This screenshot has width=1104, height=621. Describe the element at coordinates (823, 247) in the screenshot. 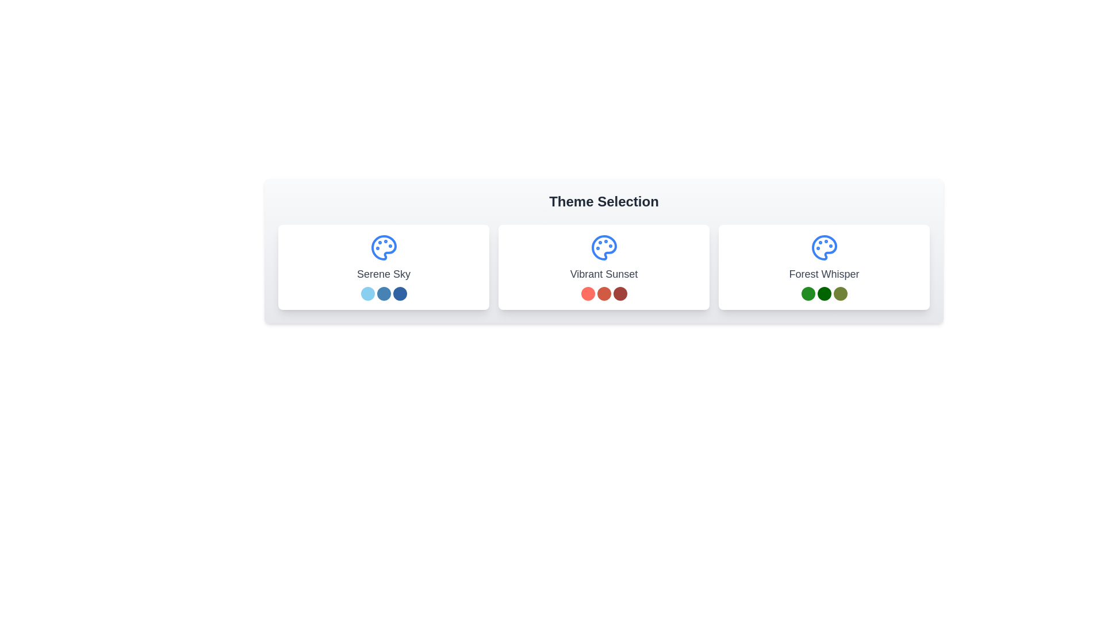

I see `the blue palette icon in the upper-middle section of the 'Forest Whisper' theme card` at that location.